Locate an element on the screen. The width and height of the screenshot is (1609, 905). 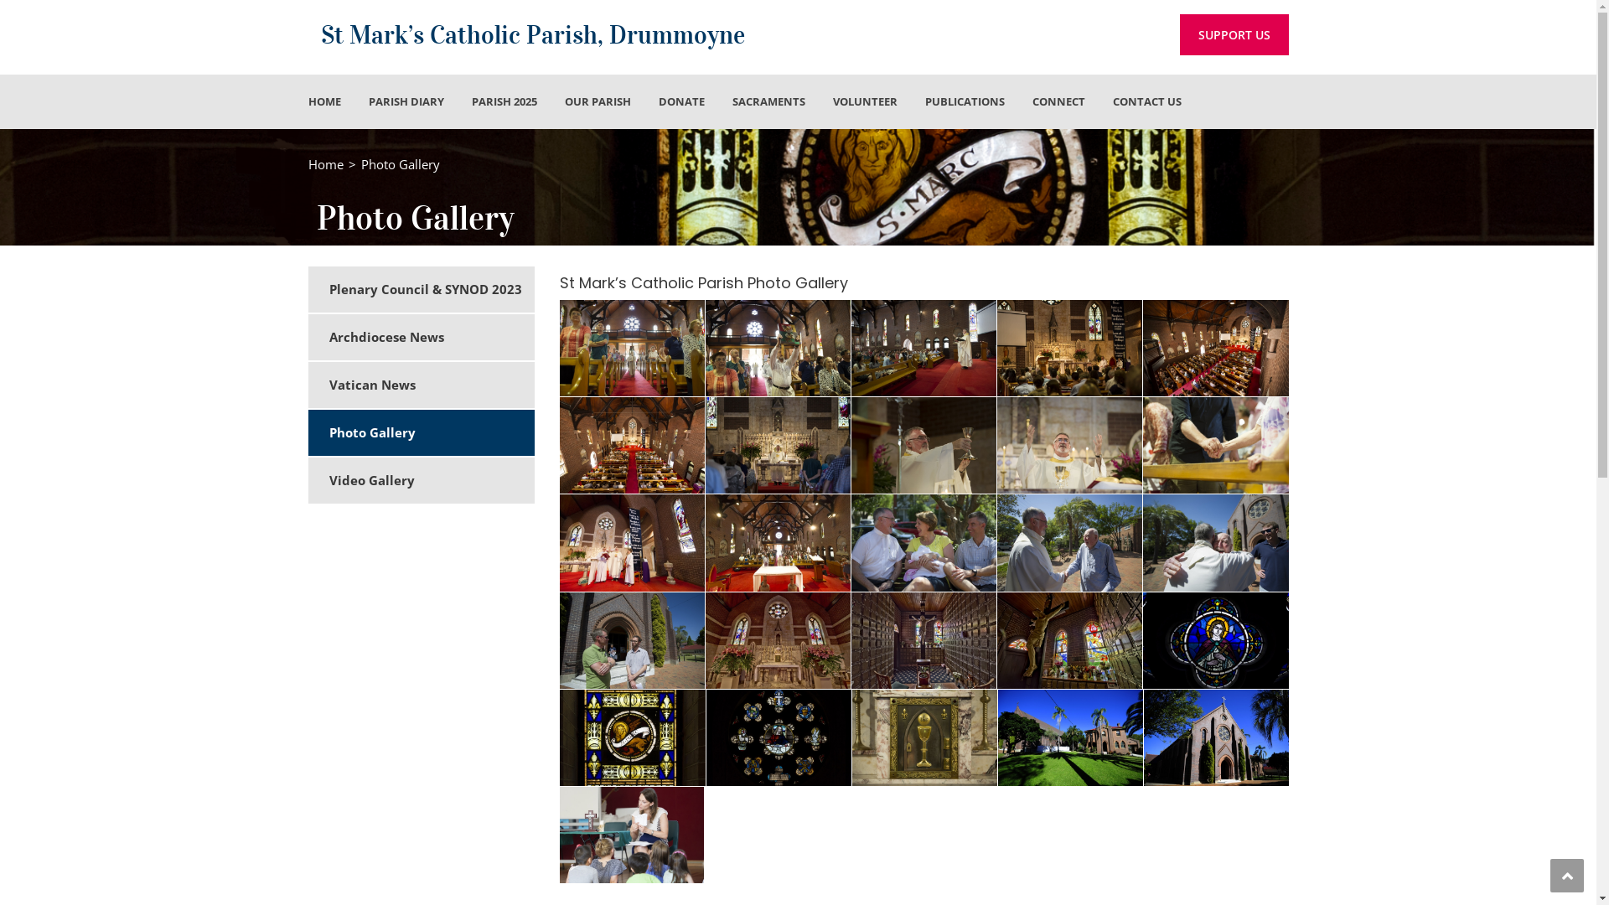
'Vatican News' is located at coordinates (431, 385).